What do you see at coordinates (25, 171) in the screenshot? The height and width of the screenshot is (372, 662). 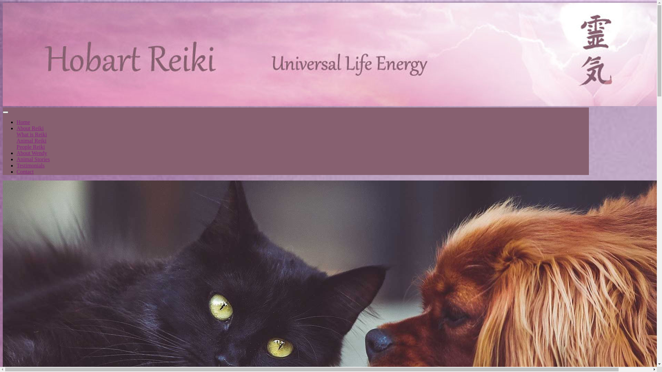 I see `'Contact'` at bounding box center [25, 171].